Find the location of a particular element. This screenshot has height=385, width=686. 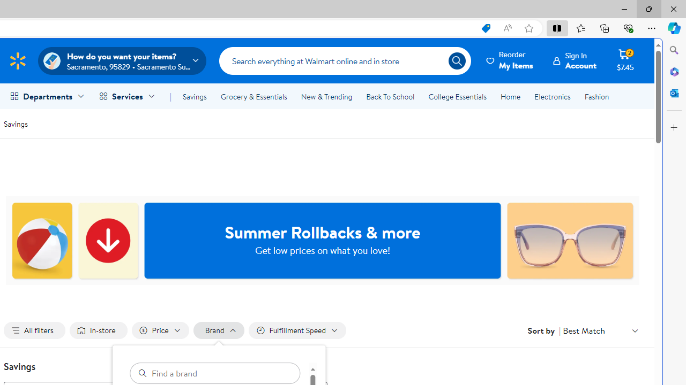

'Sort by Best Match' is located at coordinates (601, 330).